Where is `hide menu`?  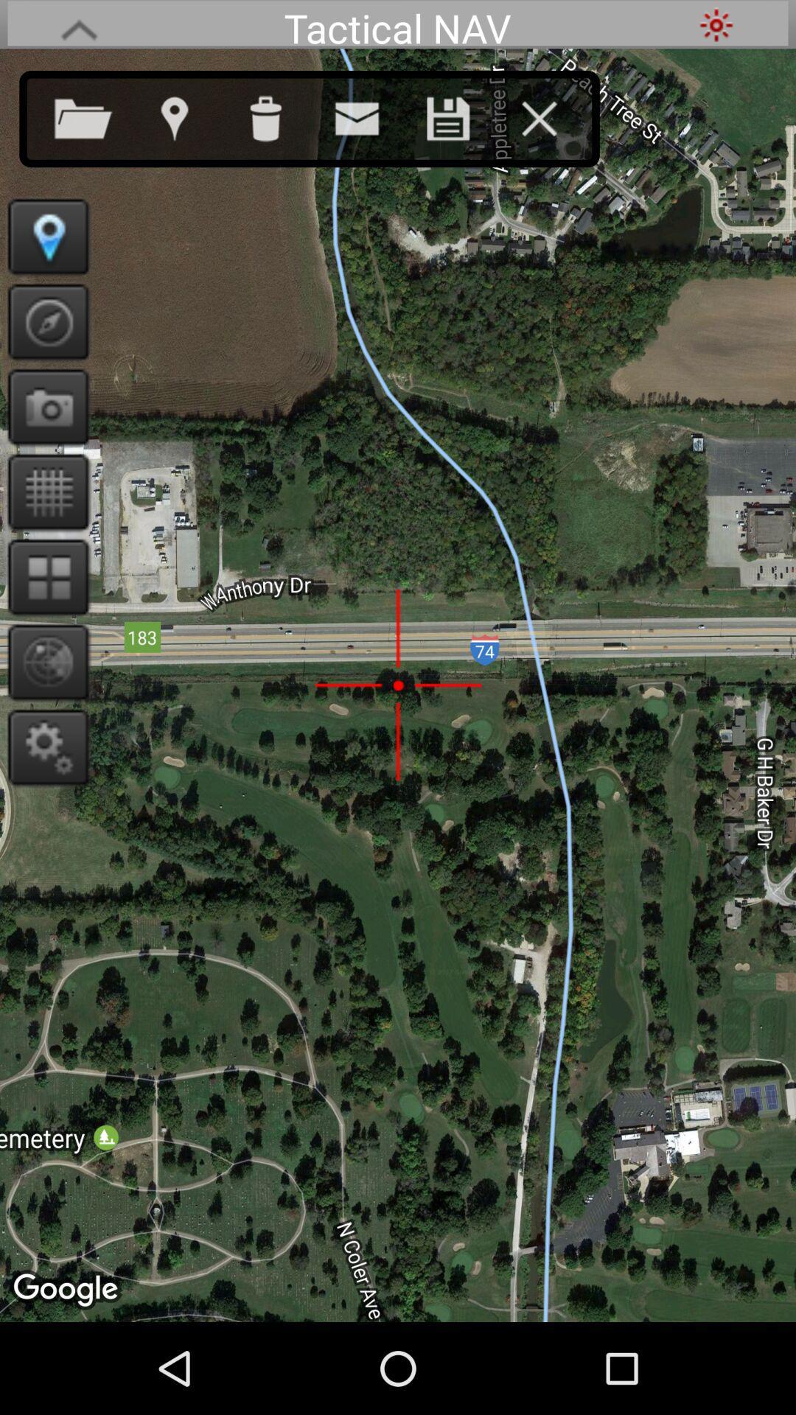 hide menu is located at coordinates (554, 115).